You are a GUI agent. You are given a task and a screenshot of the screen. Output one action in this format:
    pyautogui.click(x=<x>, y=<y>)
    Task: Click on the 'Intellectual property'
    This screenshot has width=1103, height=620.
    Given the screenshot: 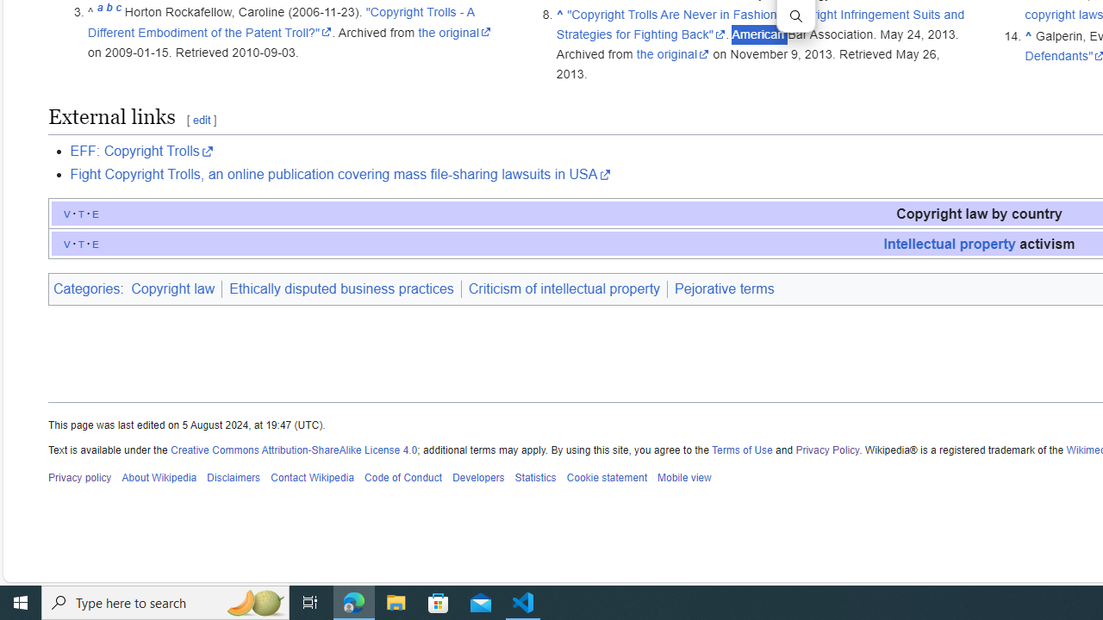 What is the action you would take?
    pyautogui.click(x=949, y=243)
    